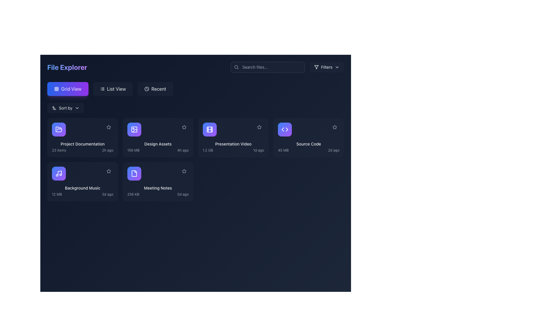  Describe the element at coordinates (108, 171) in the screenshot. I see `the star-shaped icon in the top-right corner of the 'Background Music' card` at that location.